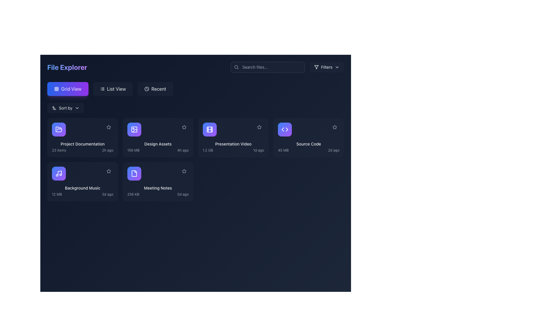  Describe the element at coordinates (108, 171) in the screenshot. I see `the star-shaped icon in the top-right corner of the 'Background Music' card` at that location.